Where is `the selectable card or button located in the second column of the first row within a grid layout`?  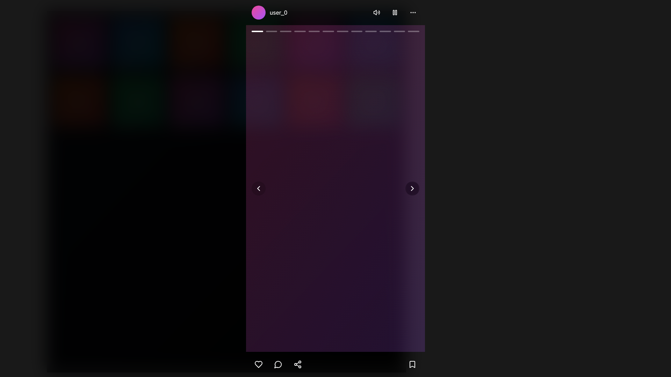 the selectable card or button located in the second column of the first row within a grid layout is located at coordinates (138, 43).